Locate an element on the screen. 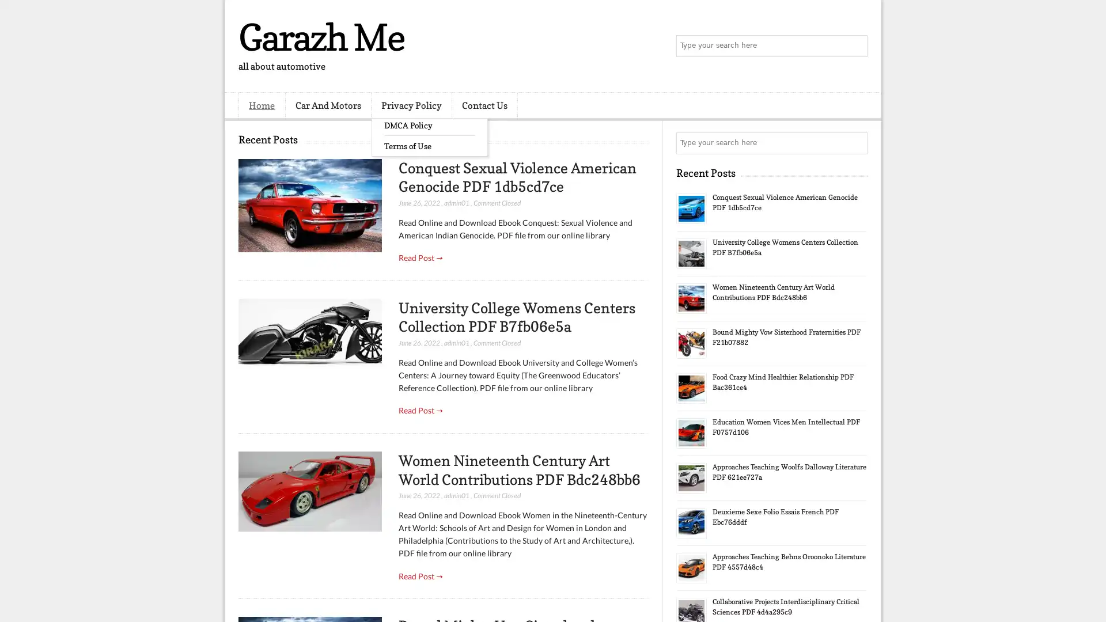 This screenshot has height=622, width=1106. Search is located at coordinates (855, 143).